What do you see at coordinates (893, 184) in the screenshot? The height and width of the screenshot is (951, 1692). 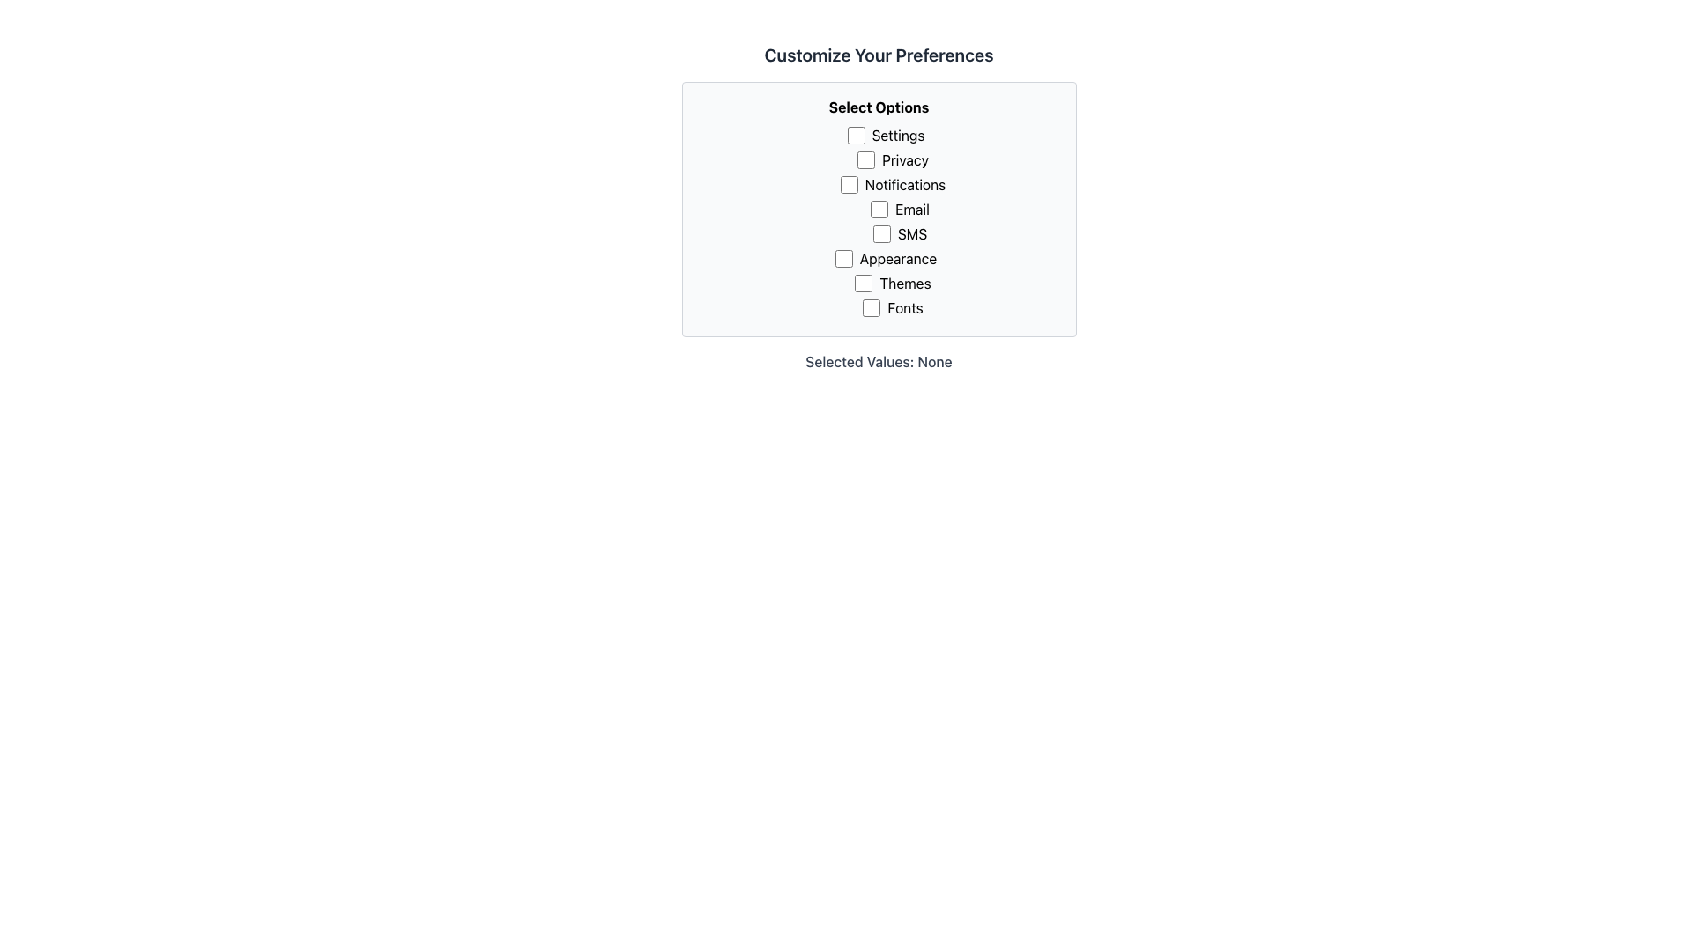 I see `the label of the 'Notifications' checkbox` at bounding box center [893, 184].